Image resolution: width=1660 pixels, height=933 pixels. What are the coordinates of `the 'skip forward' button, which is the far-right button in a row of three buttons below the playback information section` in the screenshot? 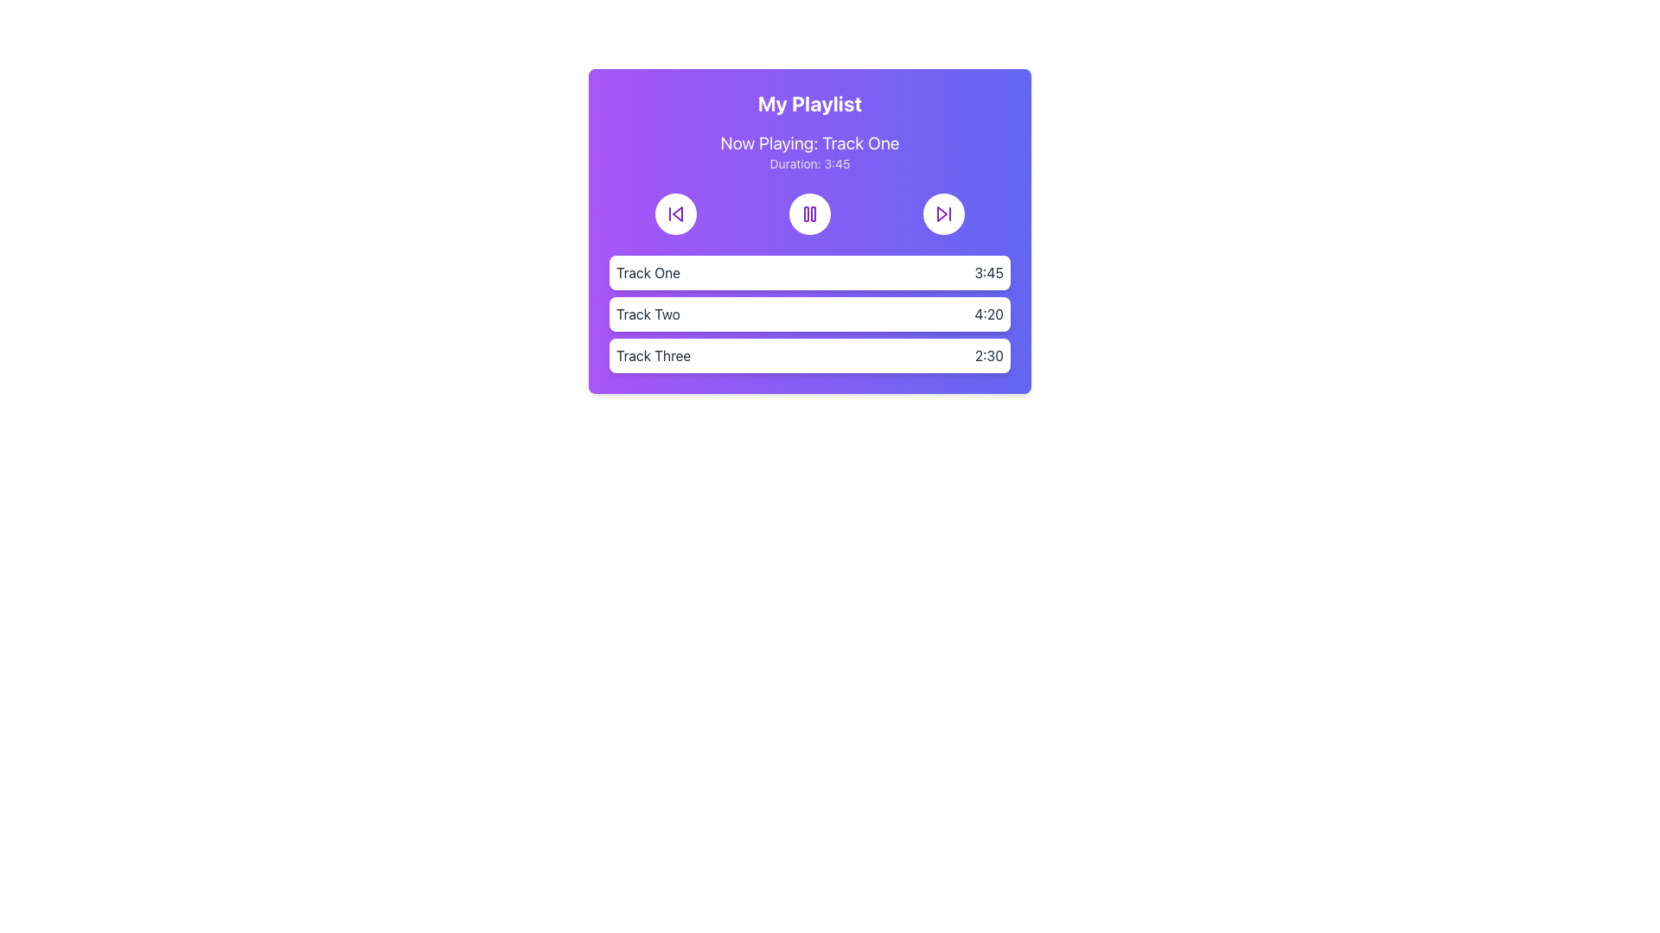 It's located at (942, 213).